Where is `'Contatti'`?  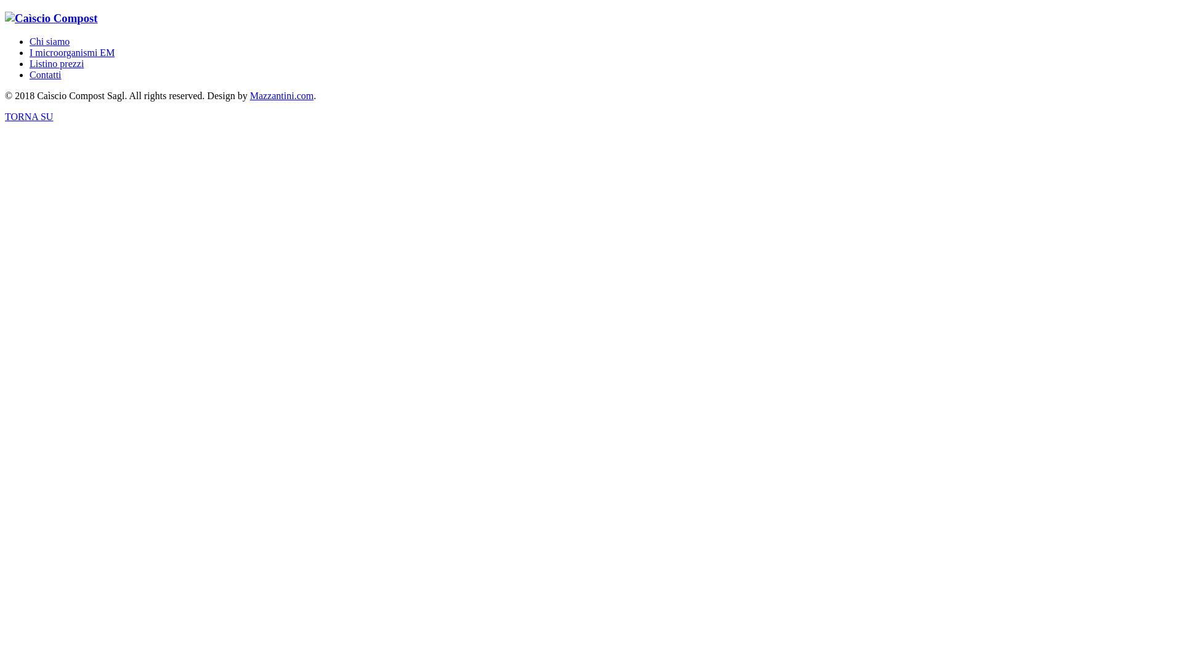 'Contatti' is located at coordinates (45, 75).